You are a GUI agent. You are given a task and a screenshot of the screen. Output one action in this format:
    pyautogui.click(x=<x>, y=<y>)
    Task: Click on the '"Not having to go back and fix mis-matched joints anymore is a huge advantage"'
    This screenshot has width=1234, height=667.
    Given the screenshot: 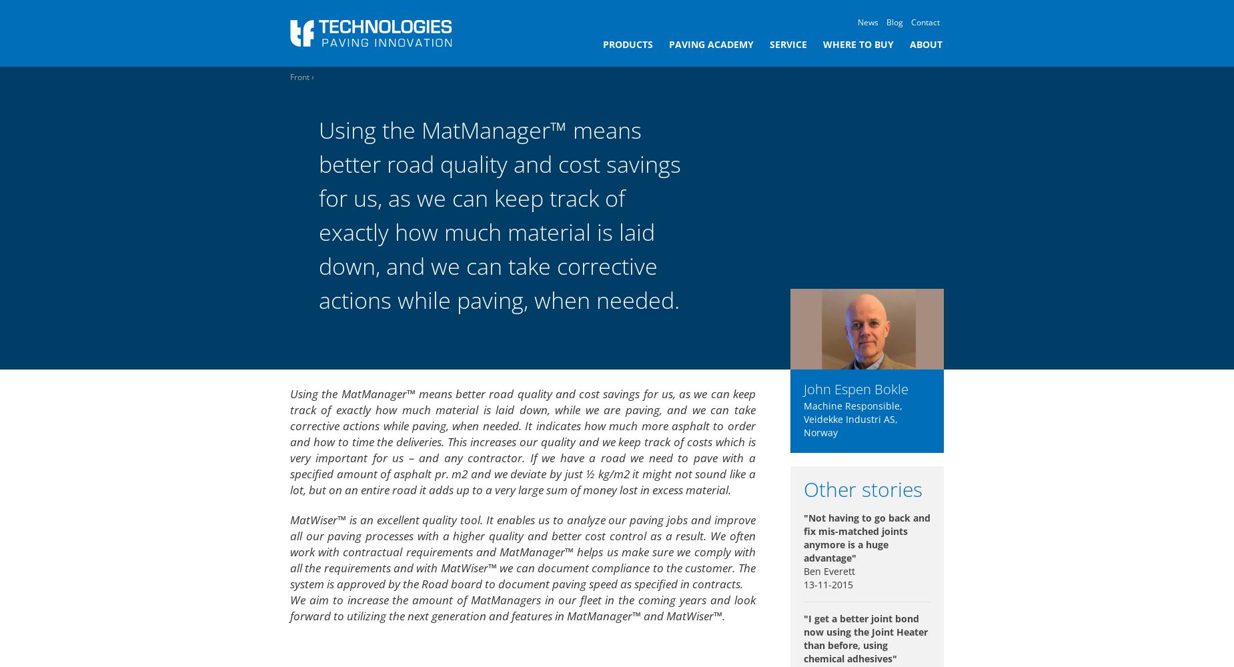 What is the action you would take?
    pyautogui.click(x=866, y=538)
    